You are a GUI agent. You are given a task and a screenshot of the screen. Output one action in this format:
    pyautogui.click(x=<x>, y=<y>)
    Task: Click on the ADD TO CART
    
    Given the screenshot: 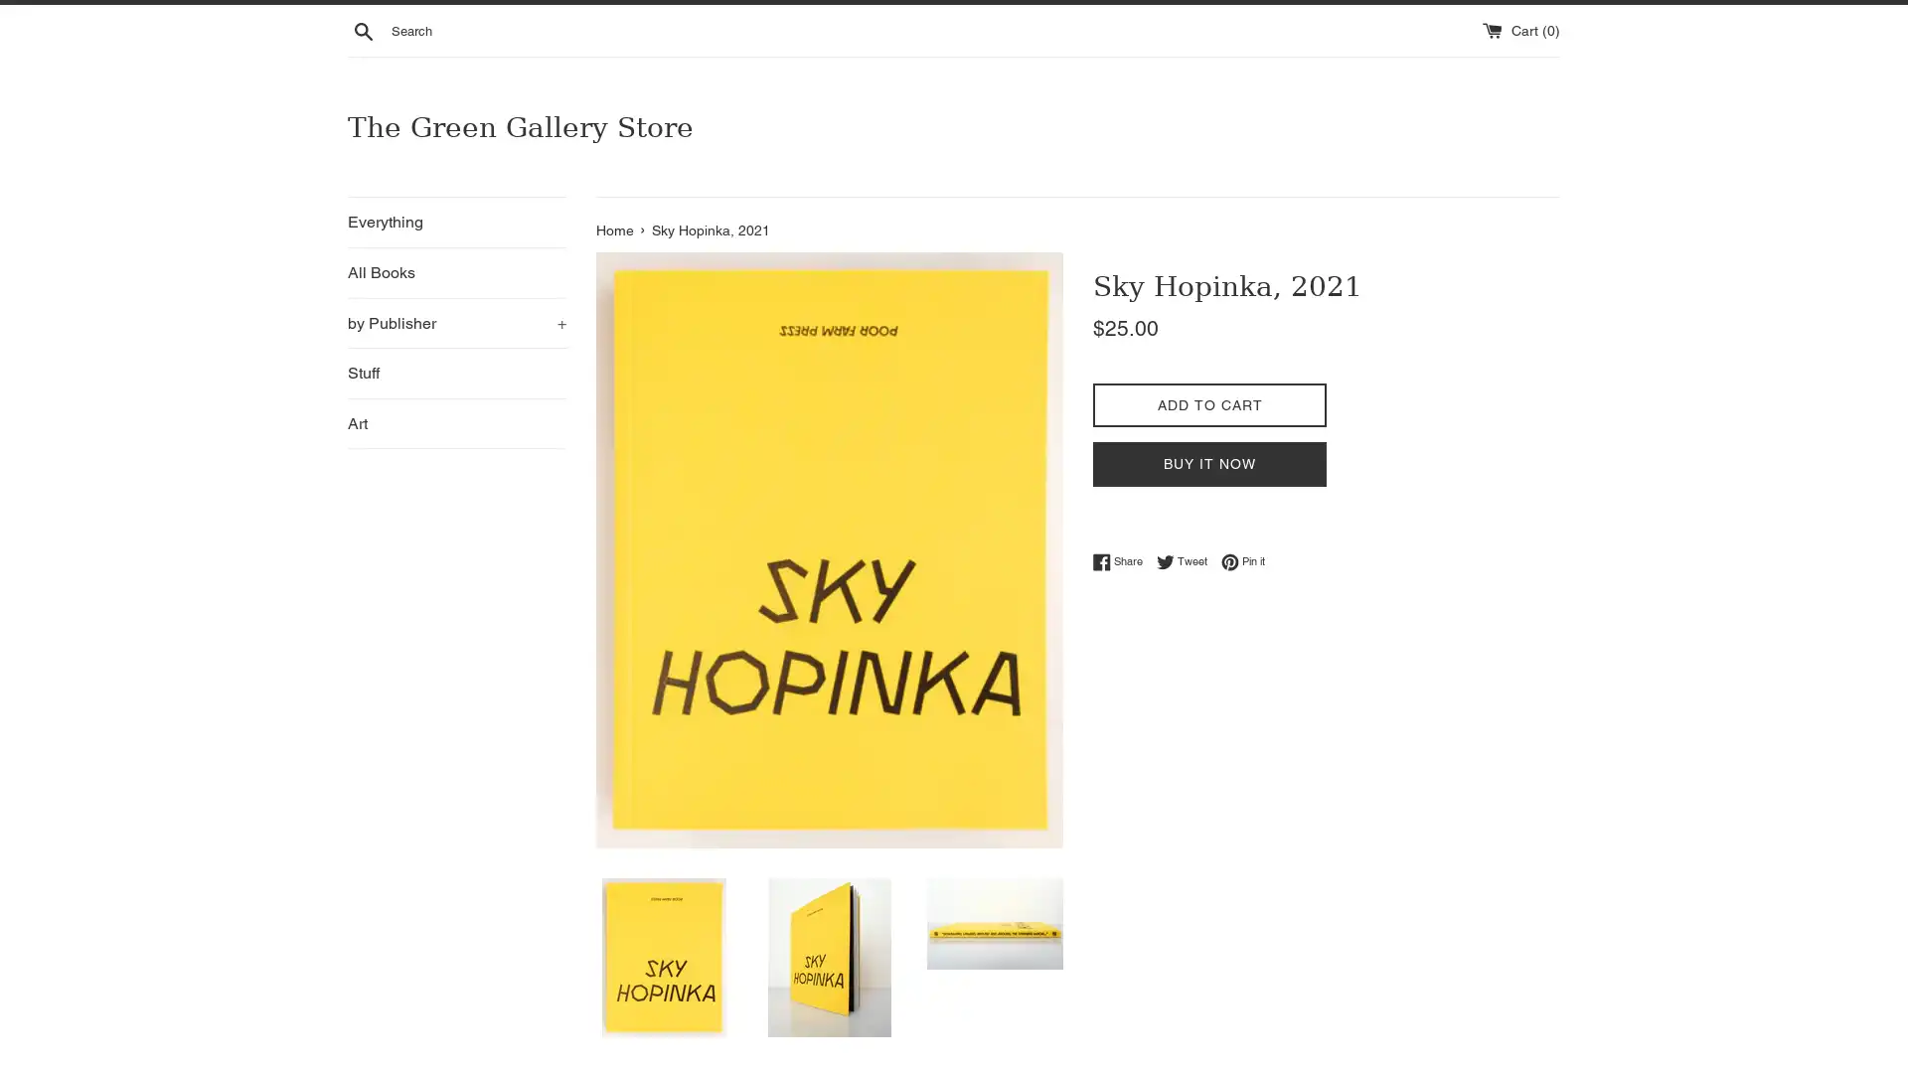 What is the action you would take?
    pyautogui.click(x=1208, y=403)
    